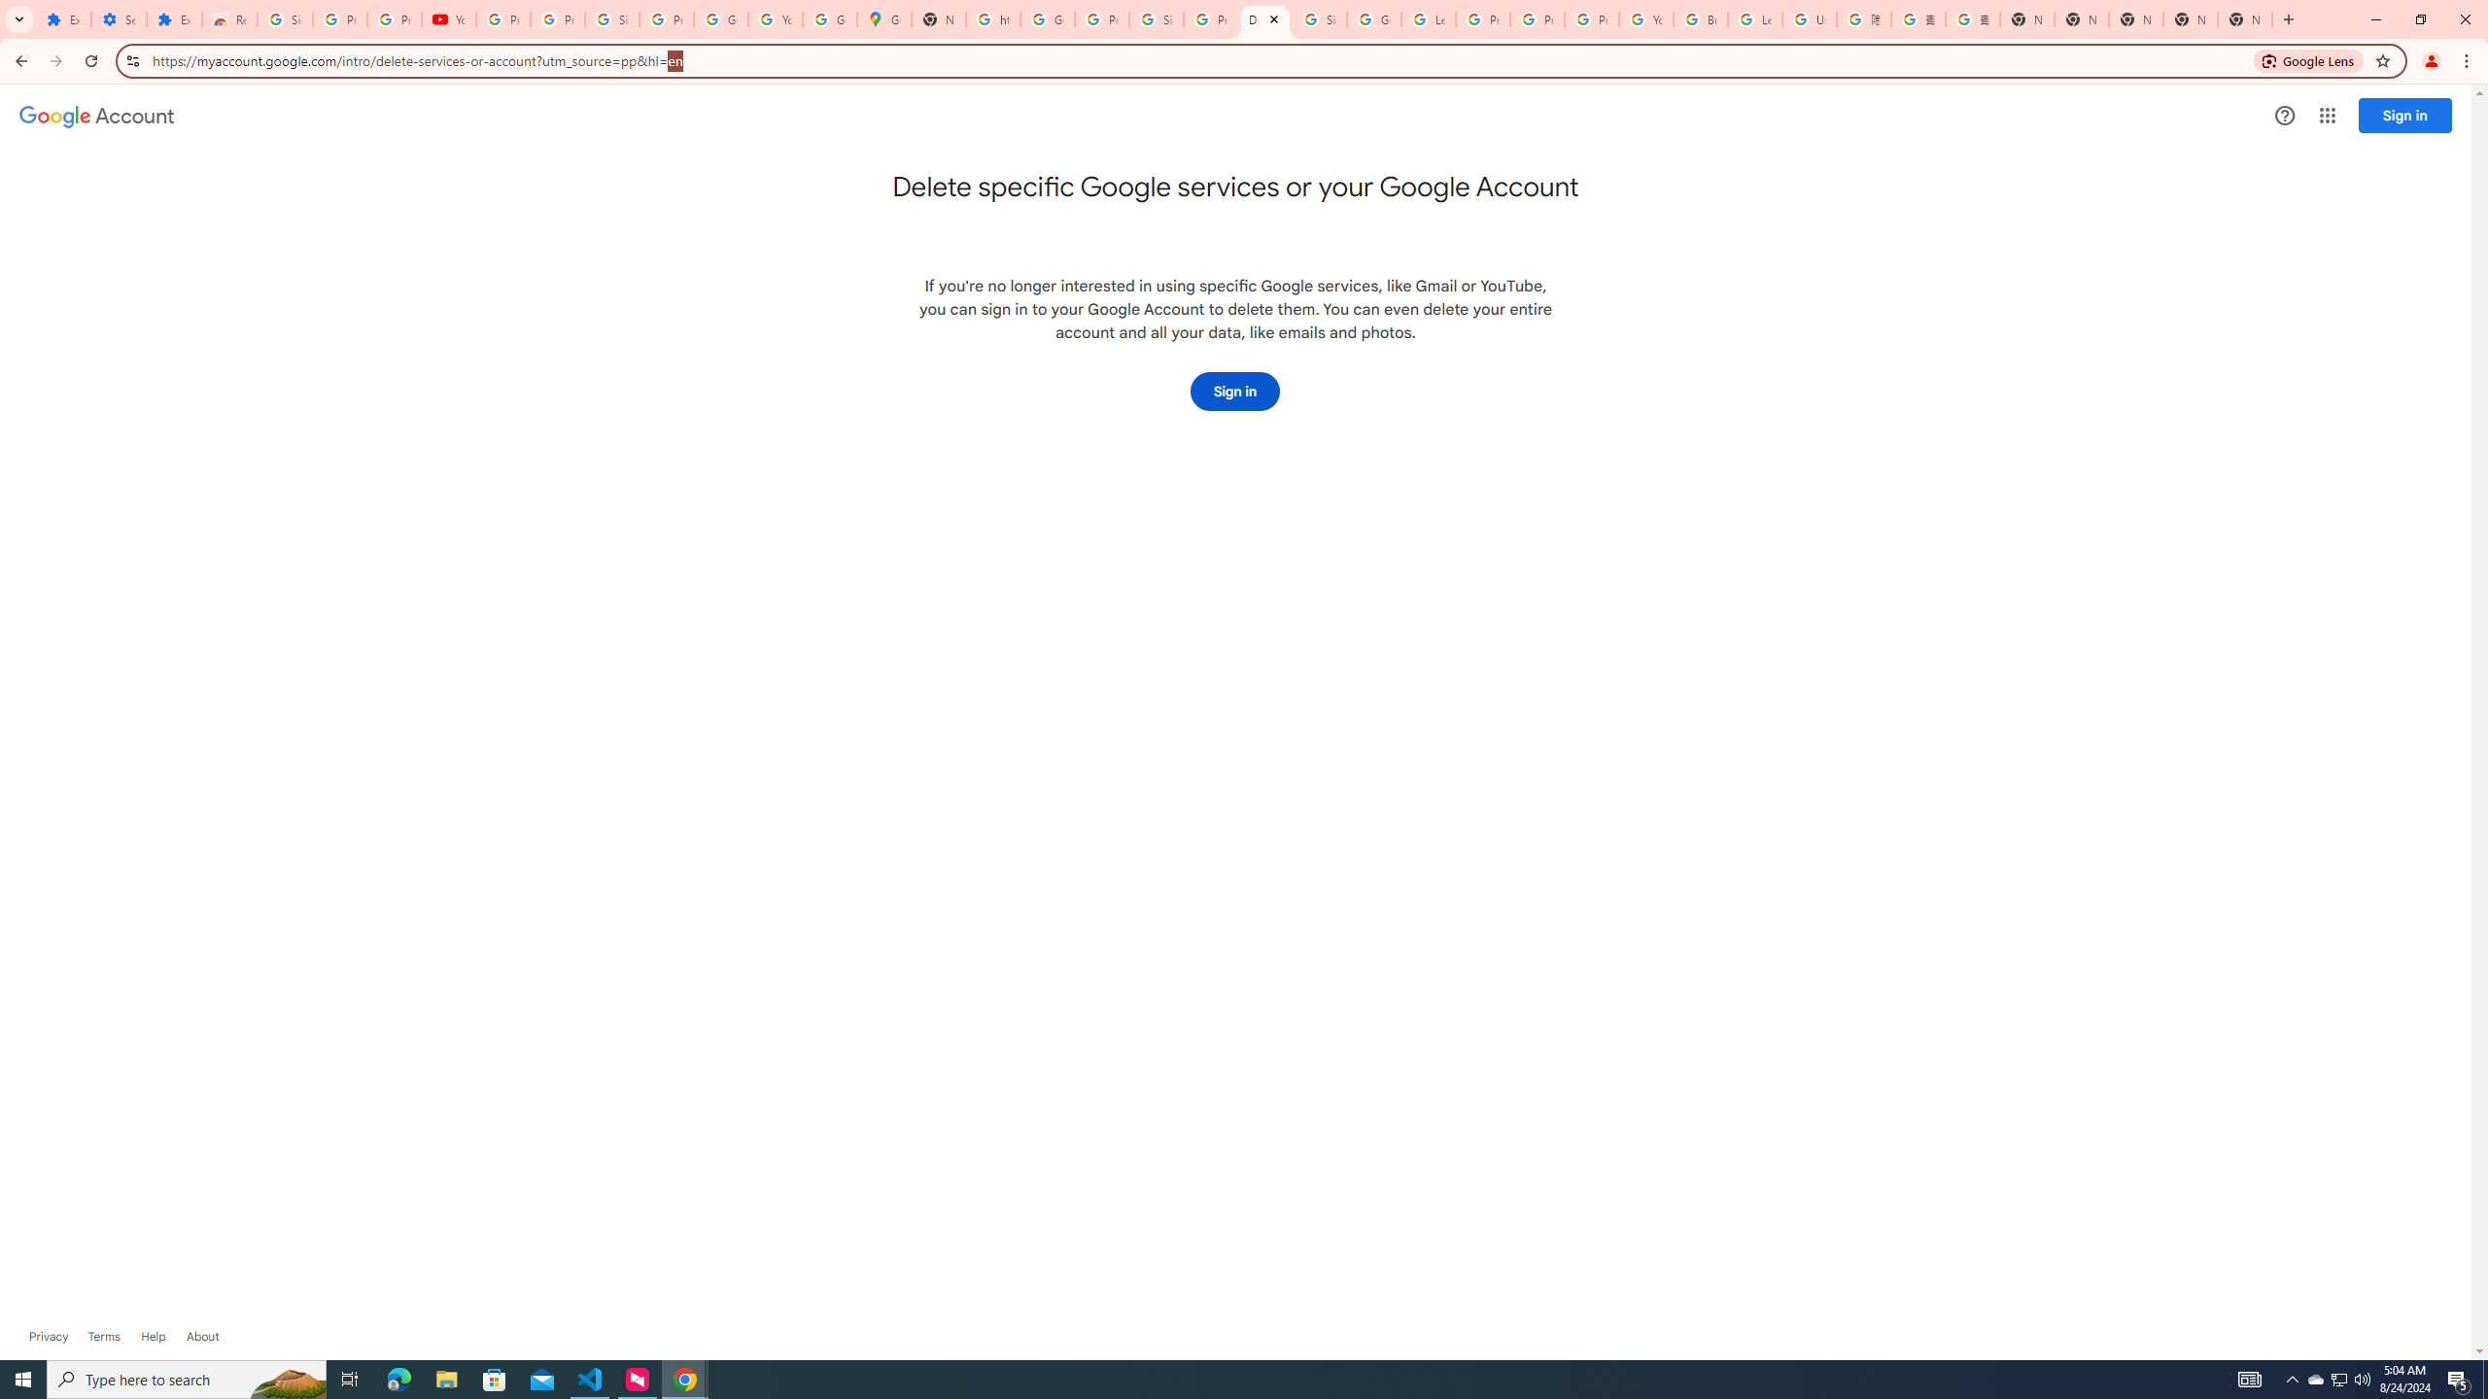 The image size is (2488, 1399). What do you see at coordinates (174, 18) in the screenshot?
I see `'Extensions'` at bounding box center [174, 18].